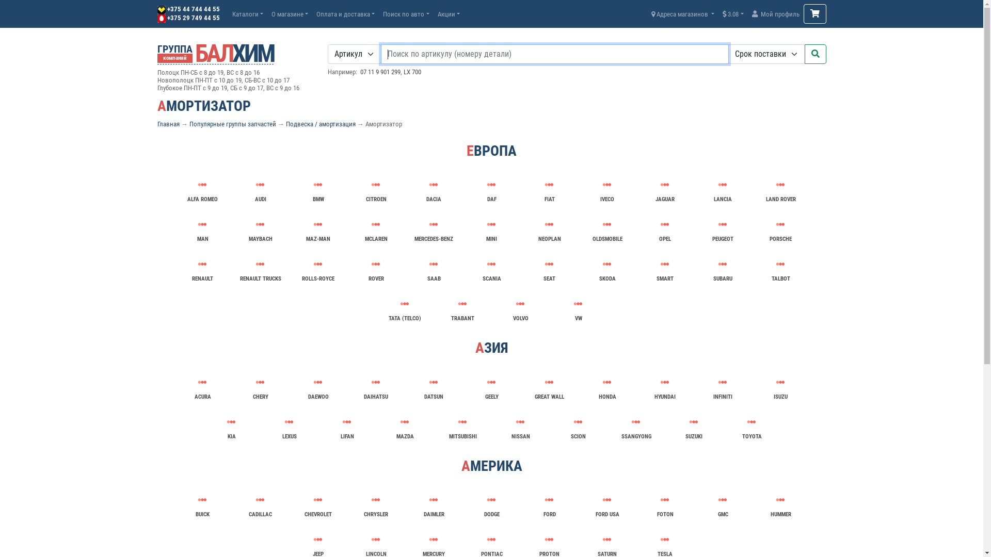 This screenshot has width=991, height=557. What do you see at coordinates (434, 227) in the screenshot?
I see `'MERCEDES-BENZ'` at bounding box center [434, 227].